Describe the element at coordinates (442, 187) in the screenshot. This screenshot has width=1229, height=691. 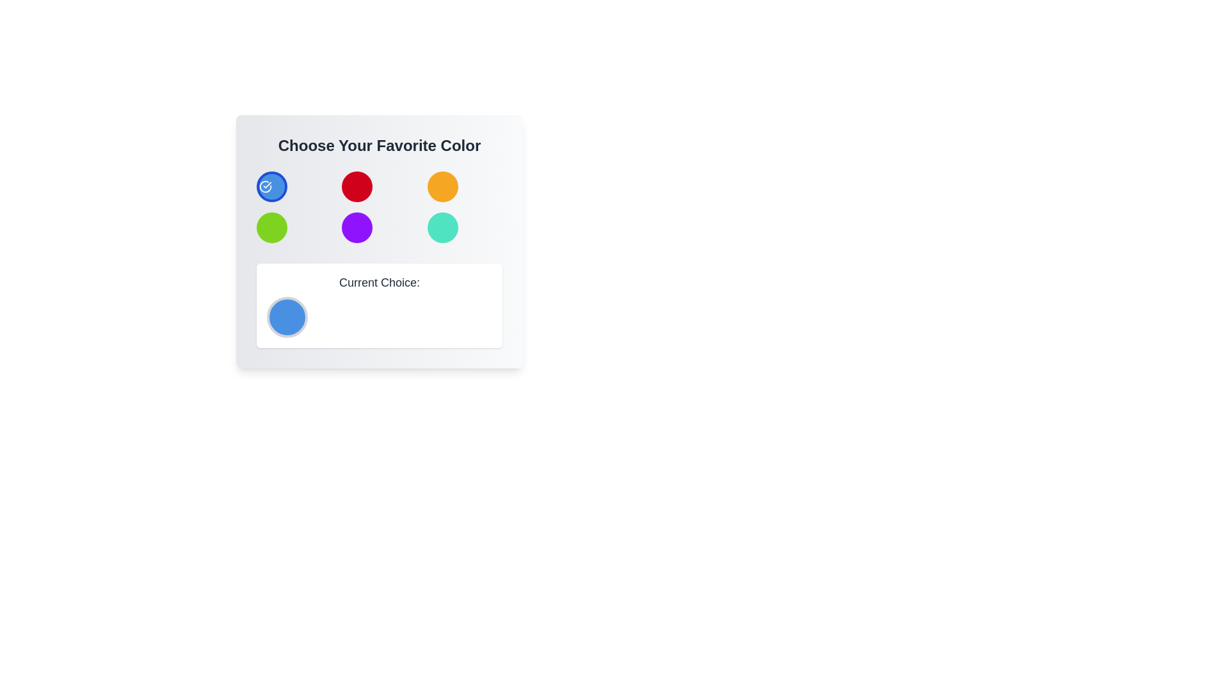
I see `the bright orange circular button in the 'Choose Your Favorite Color' section to enlarge it` at that location.